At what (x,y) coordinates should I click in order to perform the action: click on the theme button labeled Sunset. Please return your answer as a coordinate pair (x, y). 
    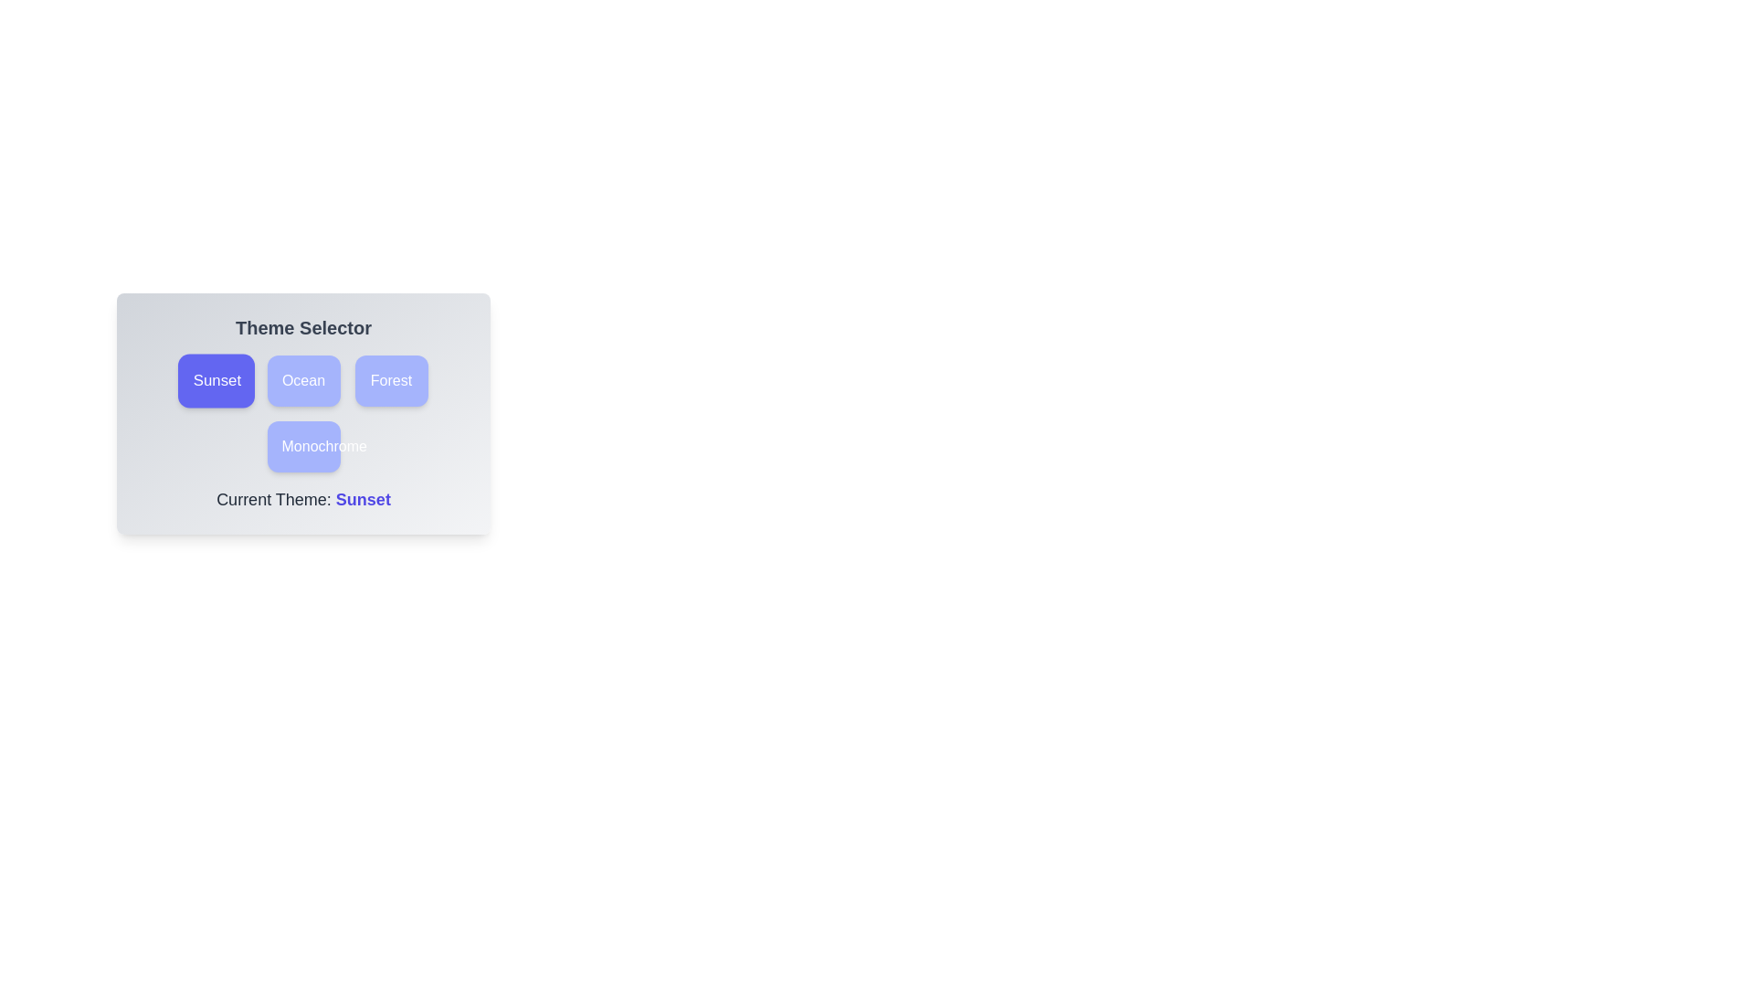
    Looking at the image, I should click on (216, 379).